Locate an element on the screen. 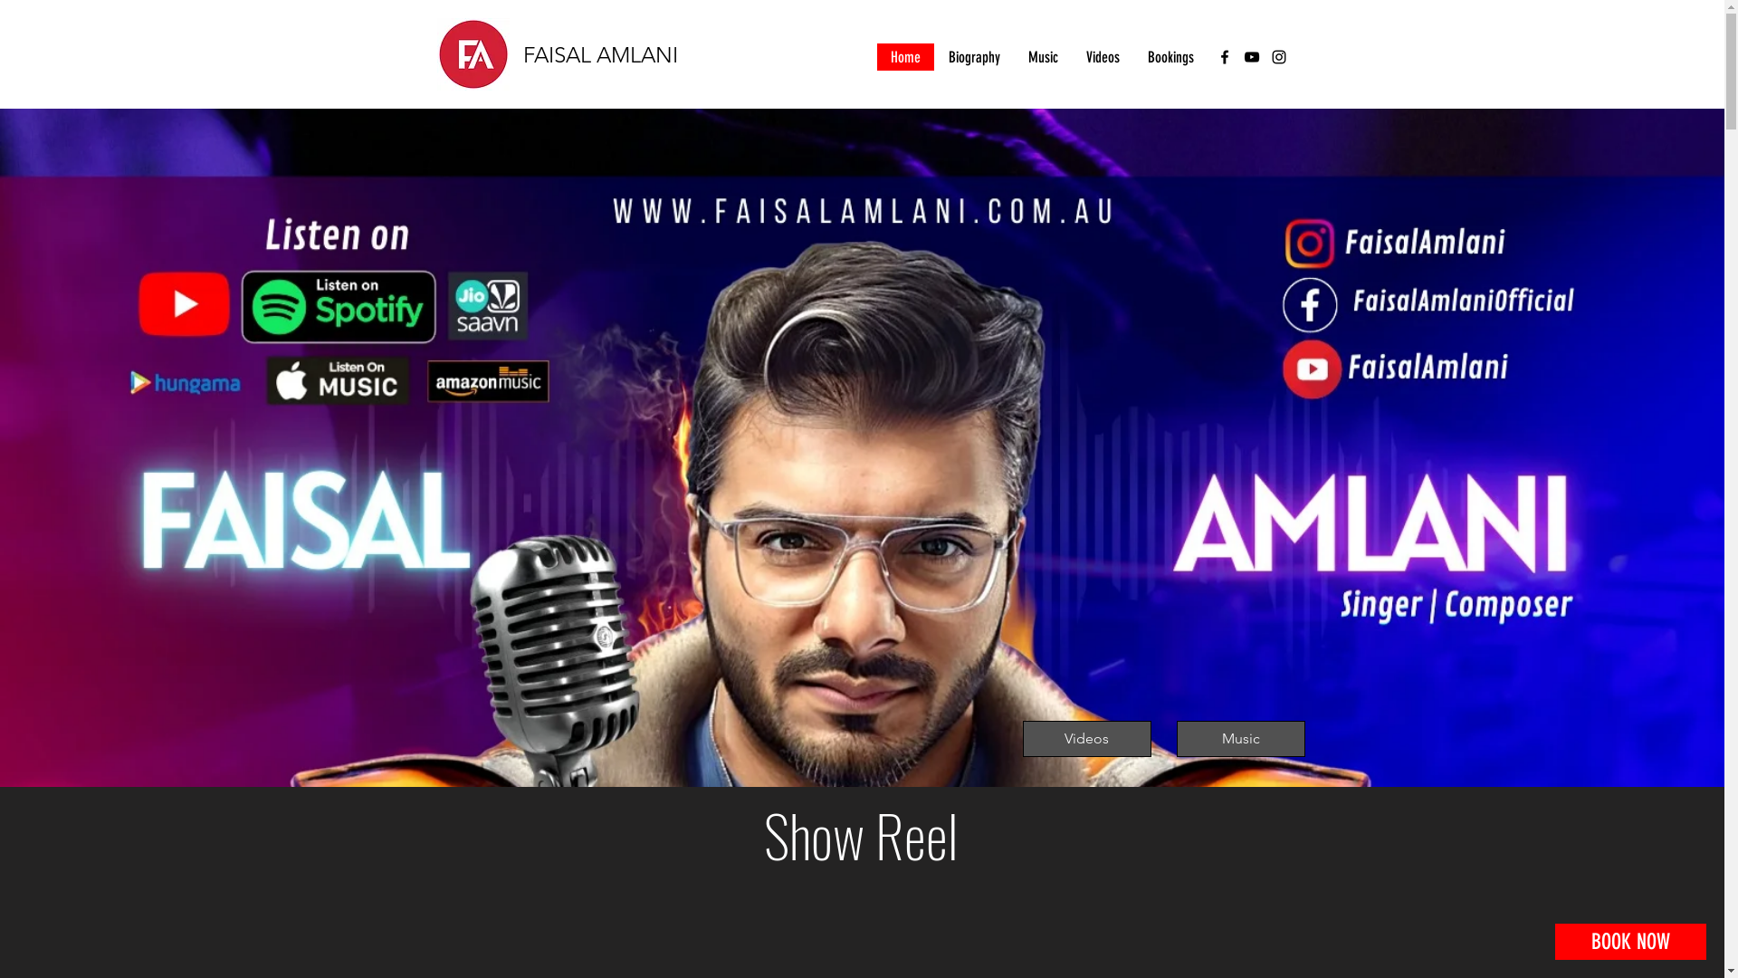 The width and height of the screenshot is (1738, 978). 'Videos' is located at coordinates (1072, 55).